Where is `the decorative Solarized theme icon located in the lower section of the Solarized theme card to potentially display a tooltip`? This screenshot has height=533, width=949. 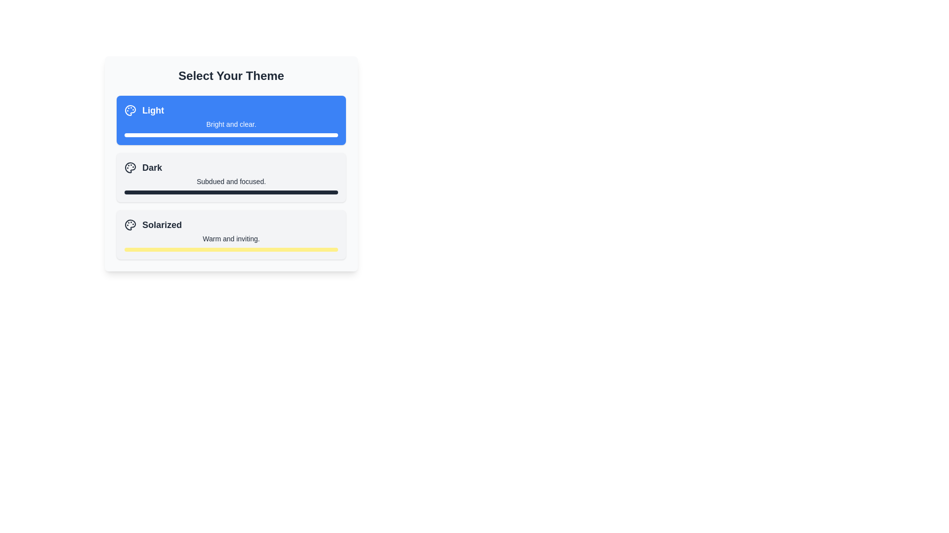 the decorative Solarized theme icon located in the lower section of the Solarized theme card to potentially display a tooltip is located at coordinates (130, 167).